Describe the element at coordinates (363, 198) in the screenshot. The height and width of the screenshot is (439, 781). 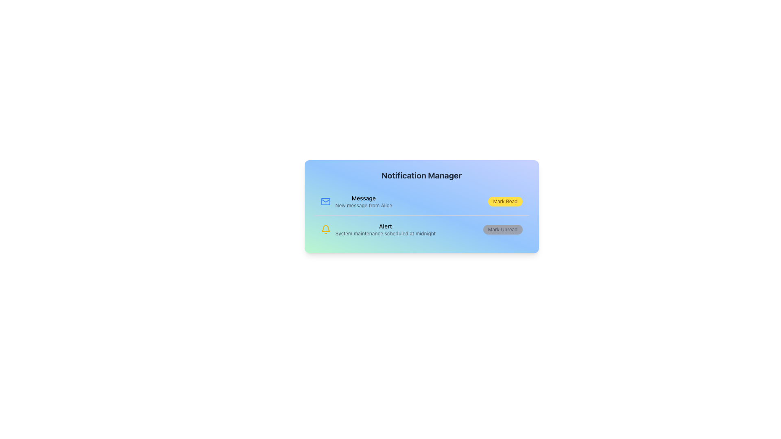
I see `text label that serves as the heading for a notification item, specifically indicating 'New message from Alice'` at that location.